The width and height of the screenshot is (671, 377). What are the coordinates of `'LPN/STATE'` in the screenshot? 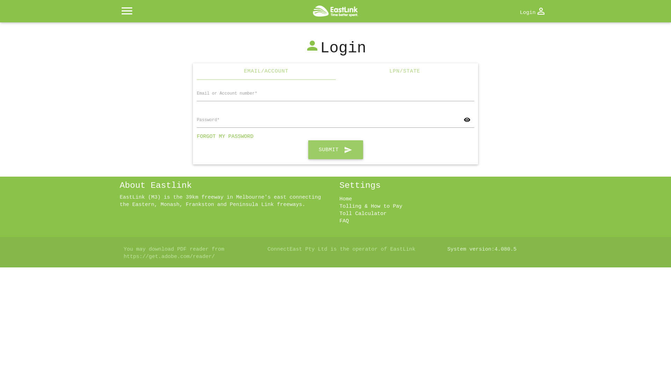 It's located at (405, 71).